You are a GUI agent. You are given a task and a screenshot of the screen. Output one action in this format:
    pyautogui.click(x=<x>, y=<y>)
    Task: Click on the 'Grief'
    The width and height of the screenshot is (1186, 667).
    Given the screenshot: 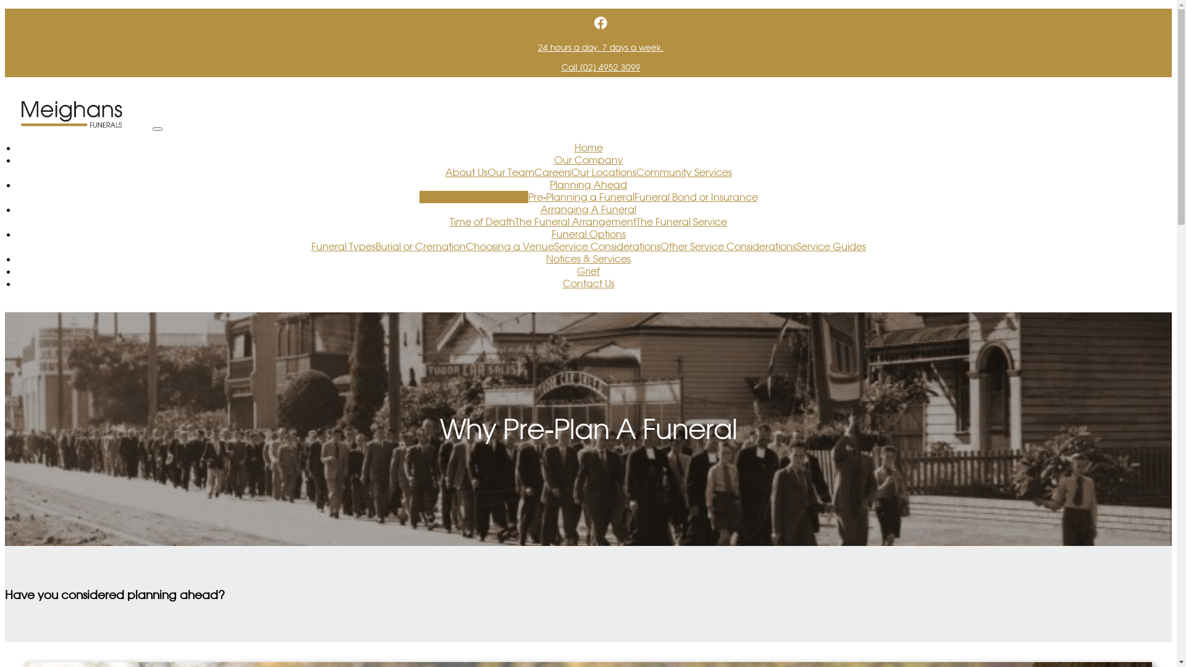 What is the action you would take?
    pyautogui.click(x=587, y=271)
    